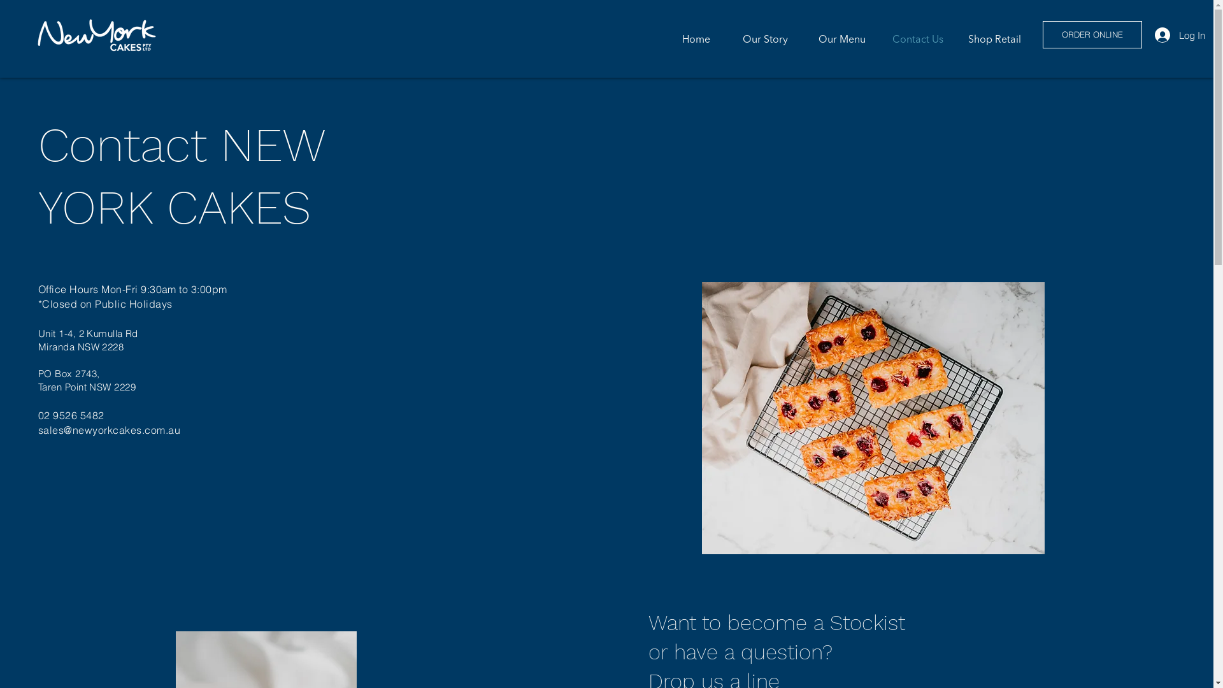  I want to click on 'ORDER ONLINE', so click(1091, 34).